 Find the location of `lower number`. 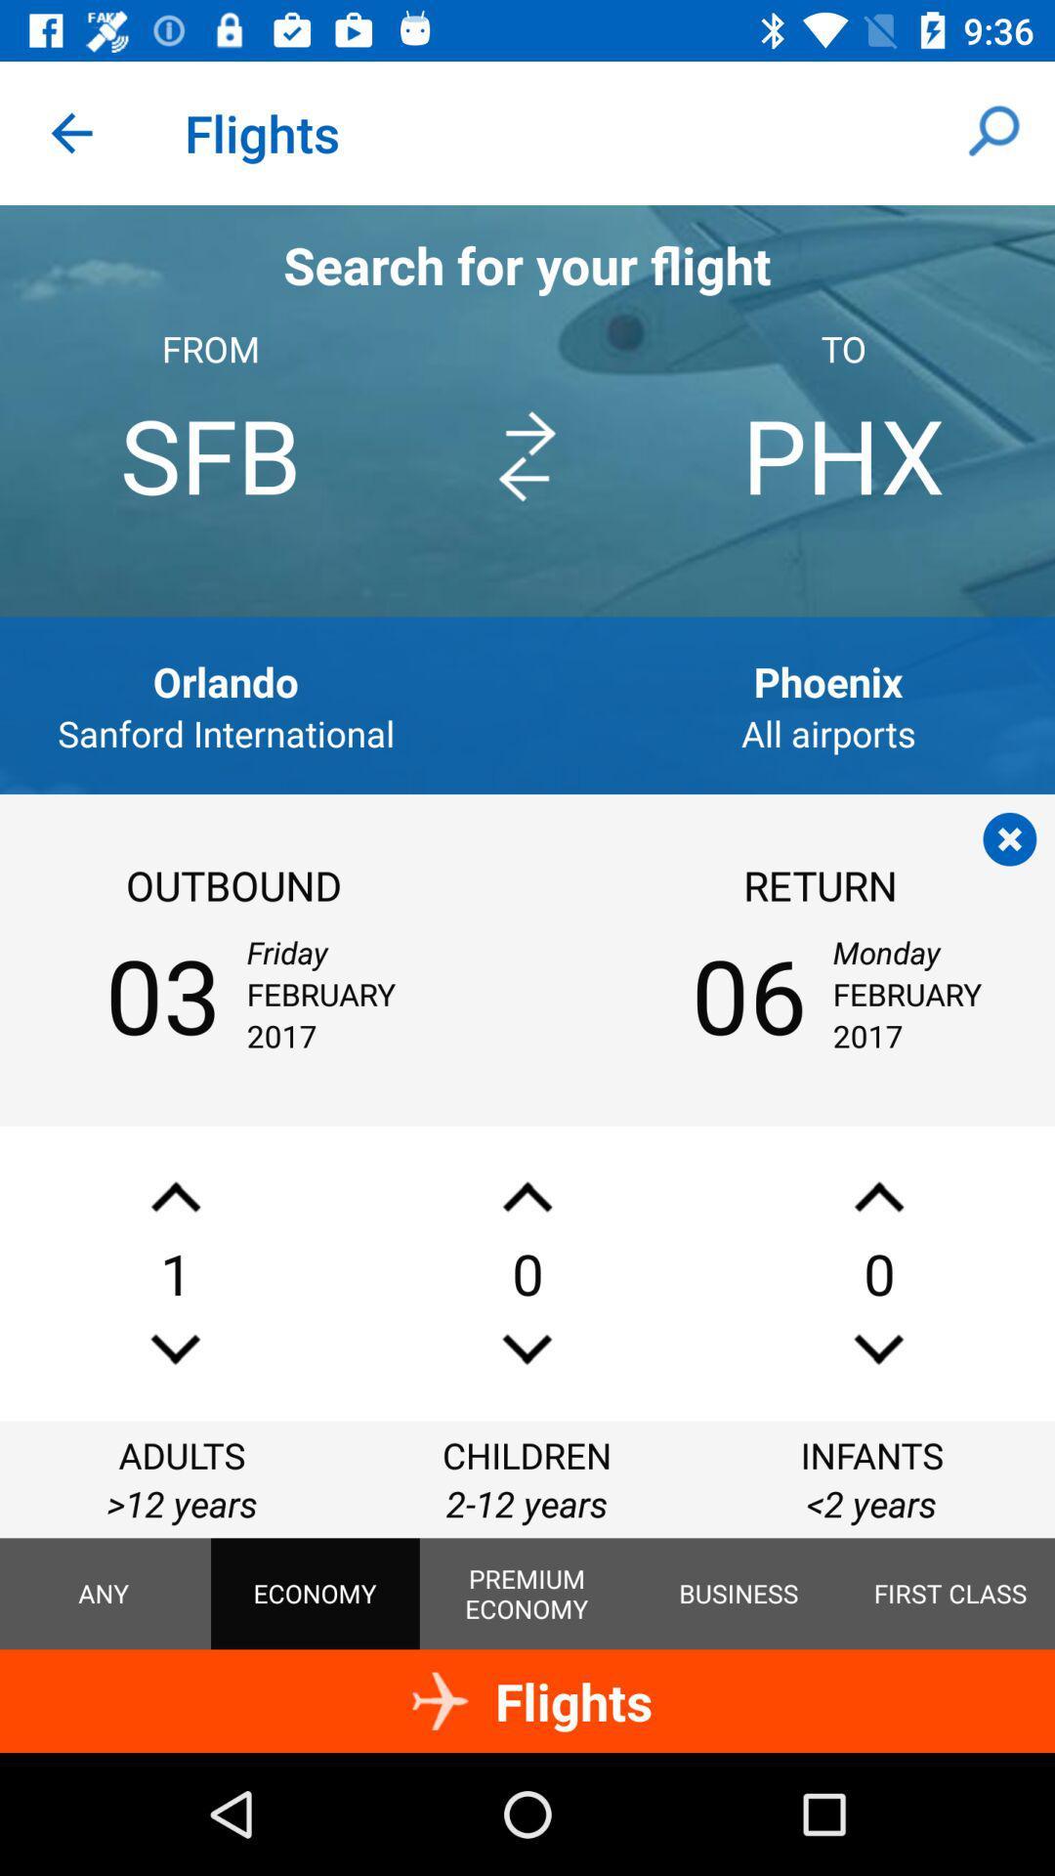

lower number is located at coordinates (877, 1348).